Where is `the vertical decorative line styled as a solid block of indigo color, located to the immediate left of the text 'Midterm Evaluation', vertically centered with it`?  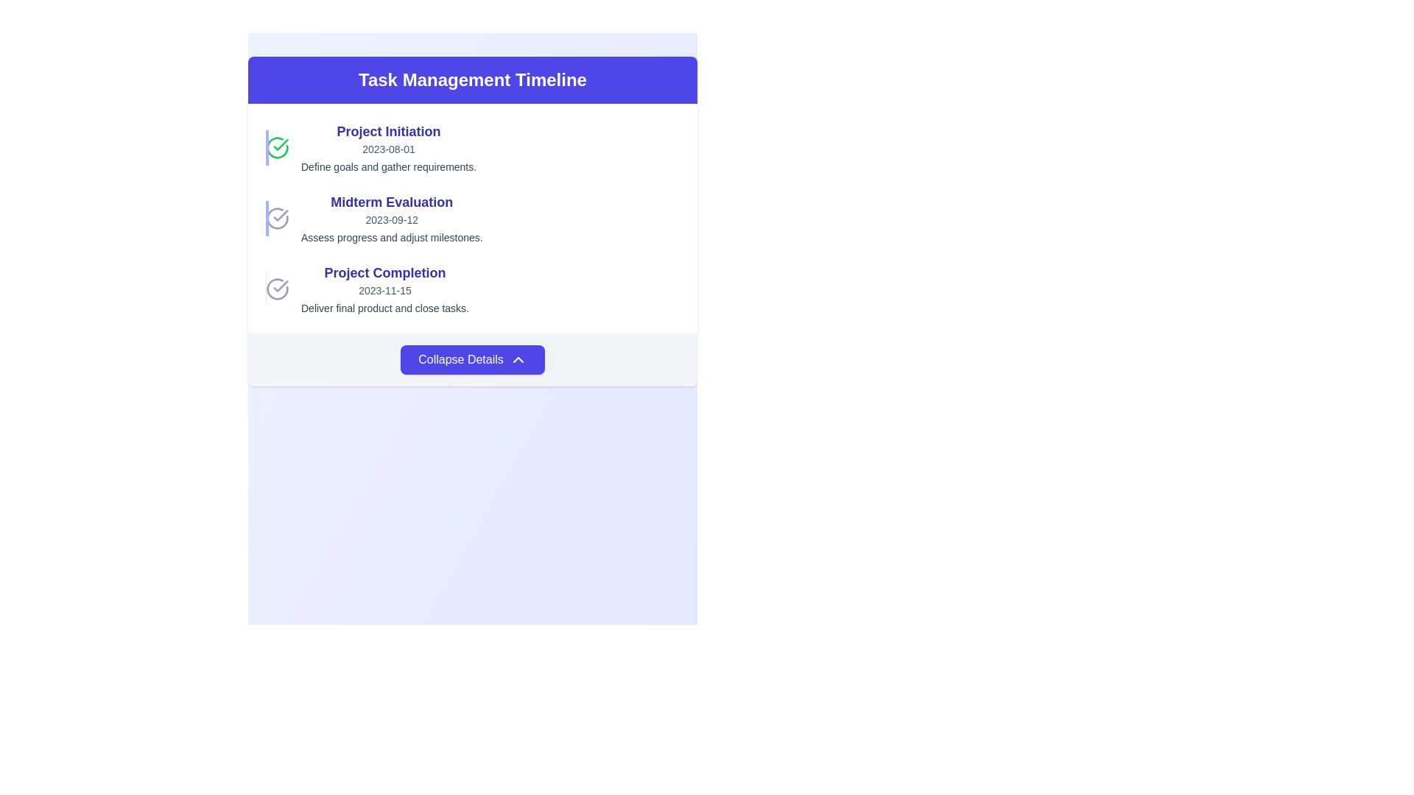
the vertical decorative line styled as a solid block of indigo color, located to the immediate left of the text 'Midterm Evaluation', vertically centered with it is located at coordinates (267, 219).